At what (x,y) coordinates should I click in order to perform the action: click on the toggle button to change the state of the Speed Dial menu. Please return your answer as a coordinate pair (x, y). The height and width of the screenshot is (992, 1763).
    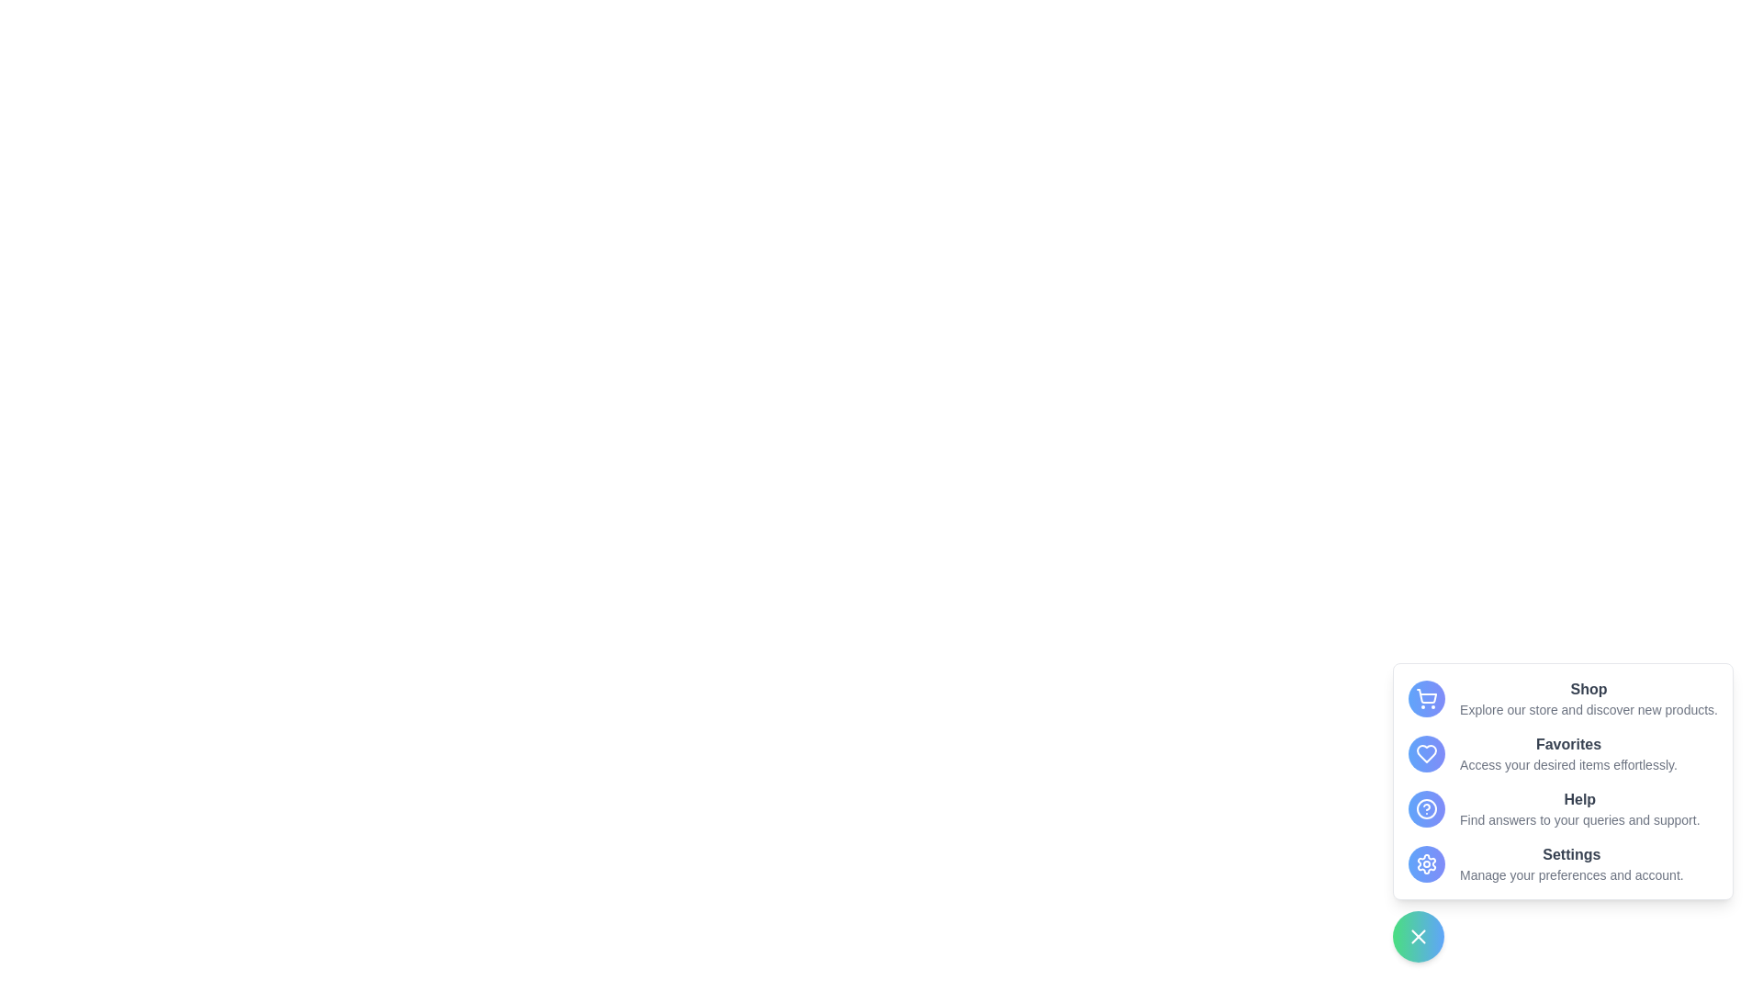
    Looking at the image, I should click on (1418, 936).